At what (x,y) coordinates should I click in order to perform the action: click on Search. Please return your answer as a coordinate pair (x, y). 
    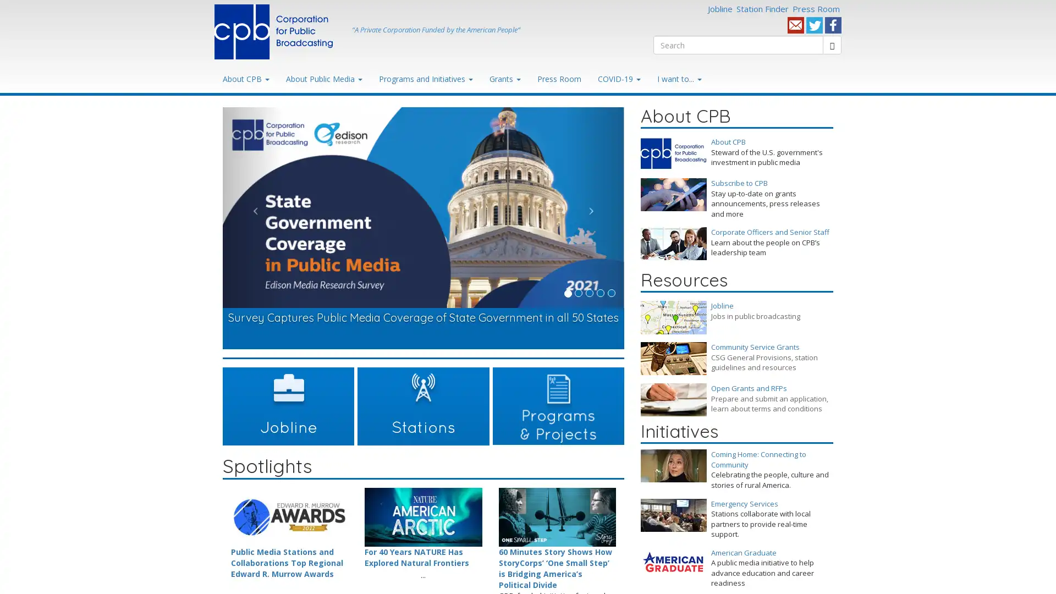
    Looking at the image, I should click on (672, 58).